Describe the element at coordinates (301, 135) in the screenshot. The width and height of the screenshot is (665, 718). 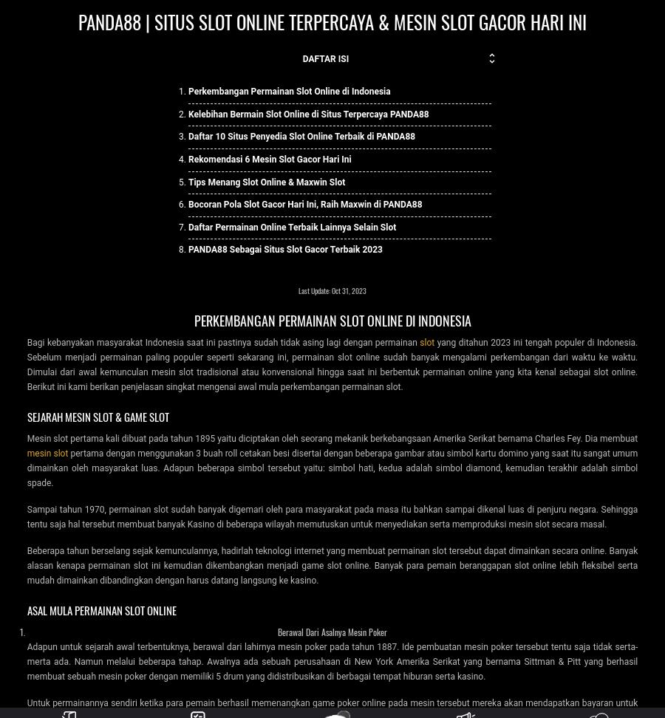
I see `'Daftar 10 Situs Penyedia Slot Online Terbaik di PANDA88'` at that location.